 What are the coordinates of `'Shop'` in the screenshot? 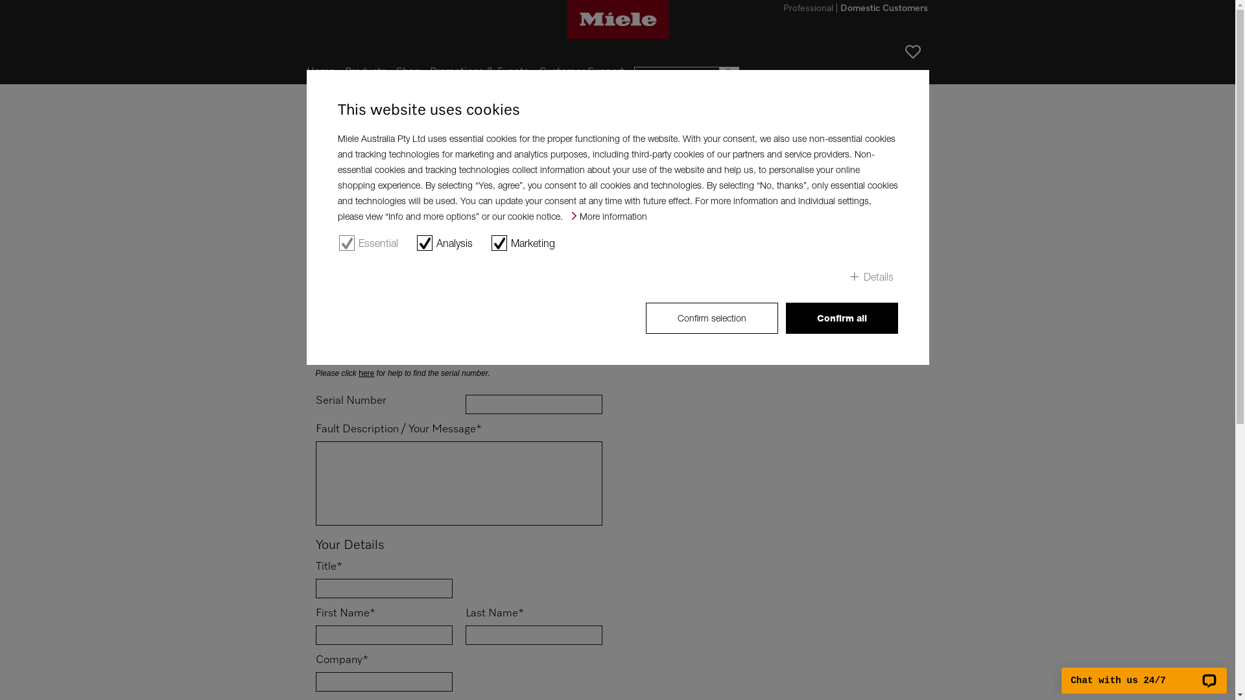 It's located at (407, 72).